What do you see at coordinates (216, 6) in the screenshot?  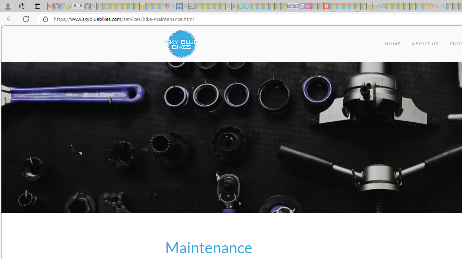 I see `'Pets - MSN - Sleeping'` at bounding box center [216, 6].